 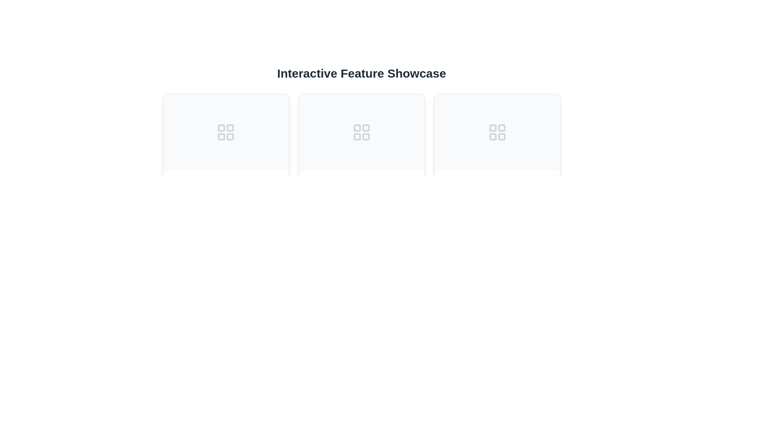 What do you see at coordinates (225, 166) in the screenshot?
I see `the first card in the grid layout, which has a white background, subtle gray border, and a shadow effect` at bounding box center [225, 166].